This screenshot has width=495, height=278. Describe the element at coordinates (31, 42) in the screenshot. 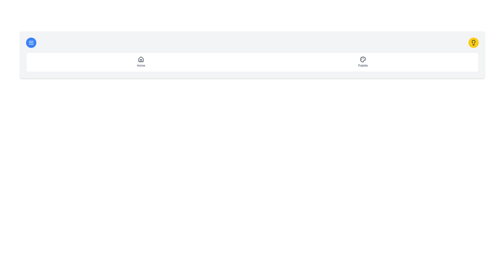

I see `the rounded blue button with a white hamburger menu icon located in the top-left corner of the navigation bar` at that location.